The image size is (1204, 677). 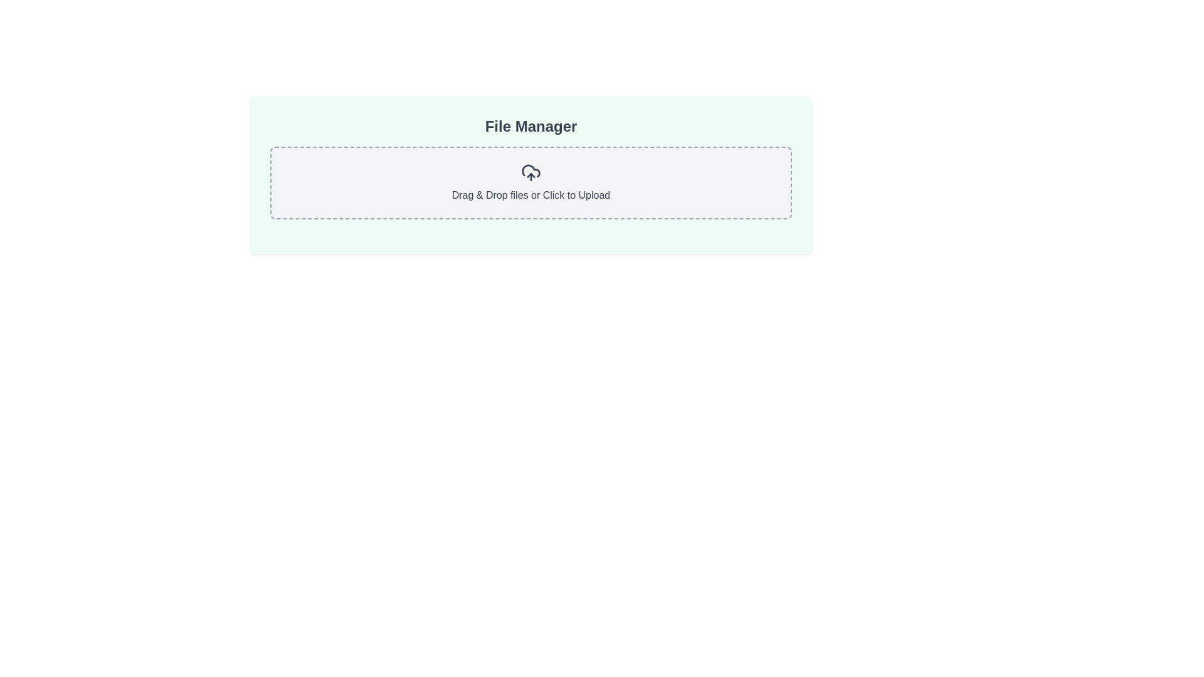 What do you see at coordinates (531, 126) in the screenshot?
I see `the centered text label with the bold heading 'File Manager' at the top of the box with a light green background` at bounding box center [531, 126].